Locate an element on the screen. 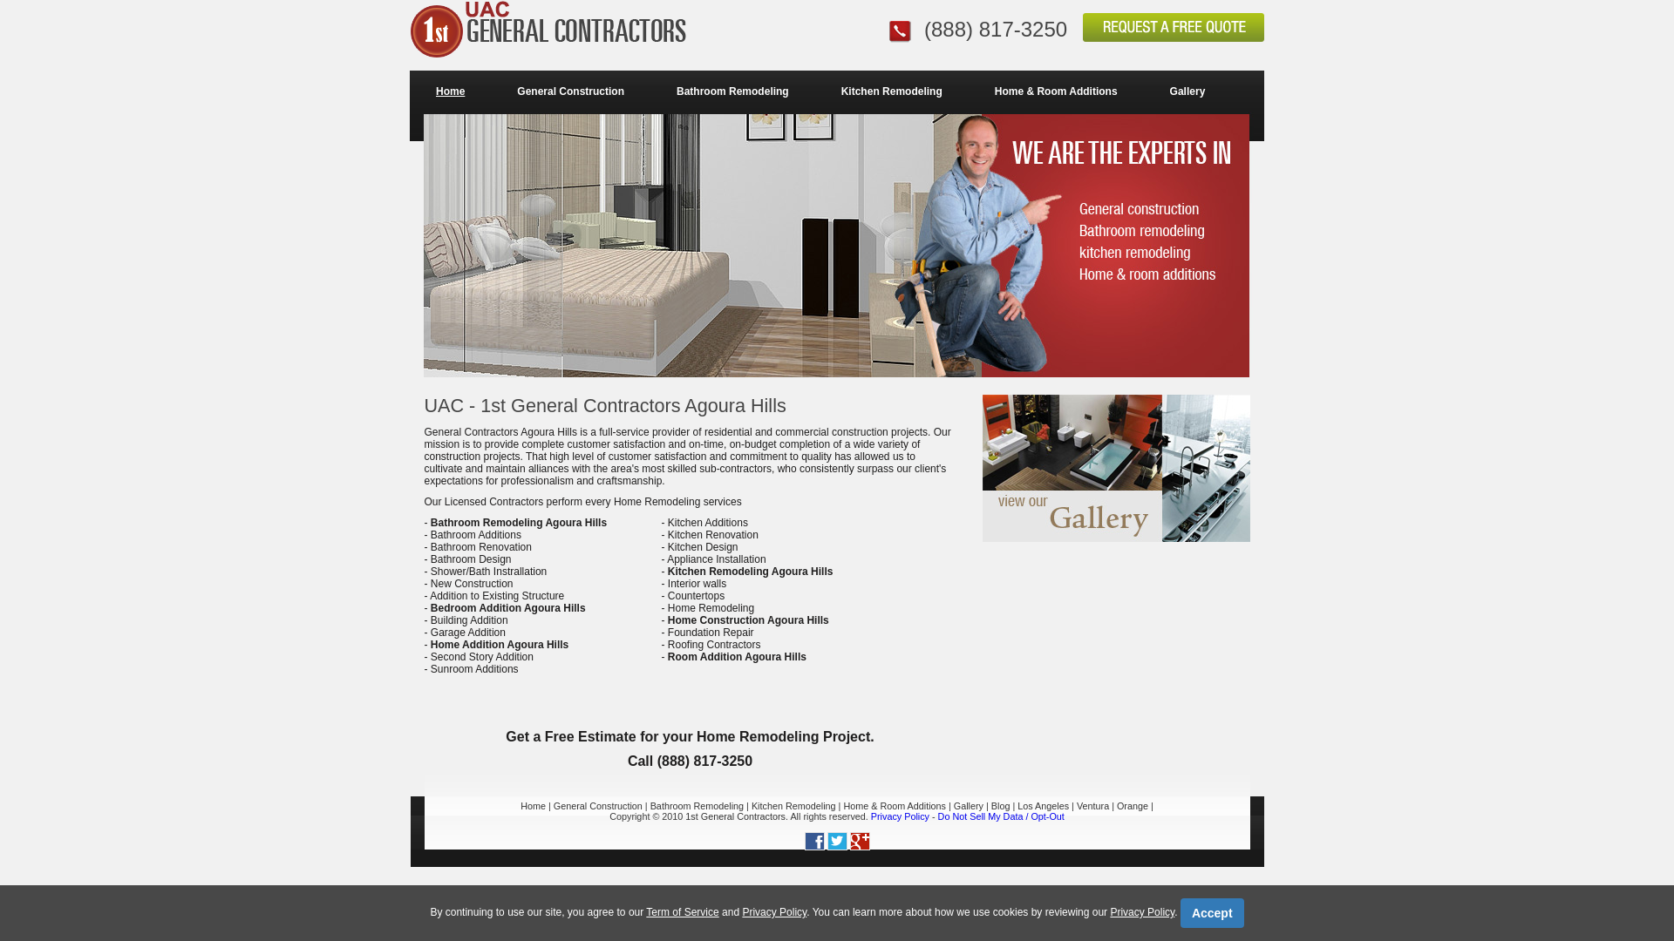 This screenshot has width=1674, height=941. 'Home' is located at coordinates (409, 91).